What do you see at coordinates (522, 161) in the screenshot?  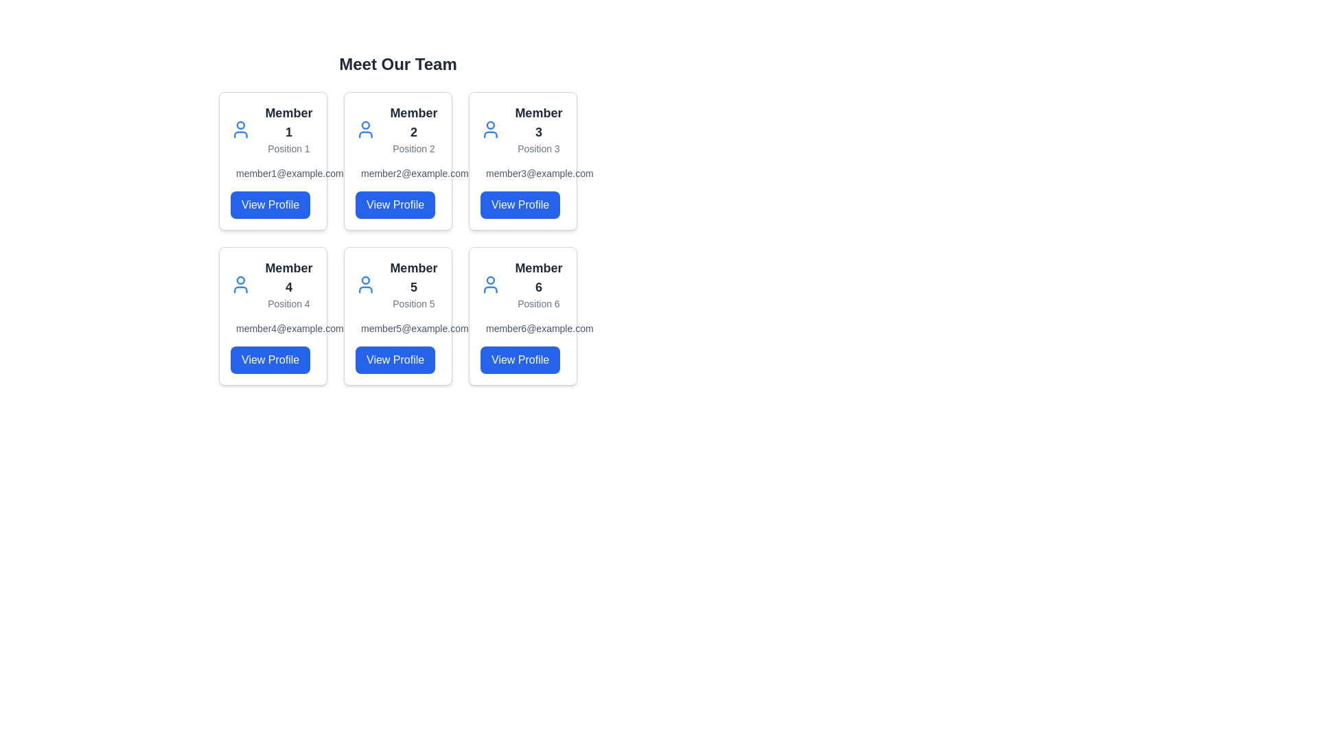 I see `the team member profile card located in the first row and third column of the grid layout` at bounding box center [522, 161].